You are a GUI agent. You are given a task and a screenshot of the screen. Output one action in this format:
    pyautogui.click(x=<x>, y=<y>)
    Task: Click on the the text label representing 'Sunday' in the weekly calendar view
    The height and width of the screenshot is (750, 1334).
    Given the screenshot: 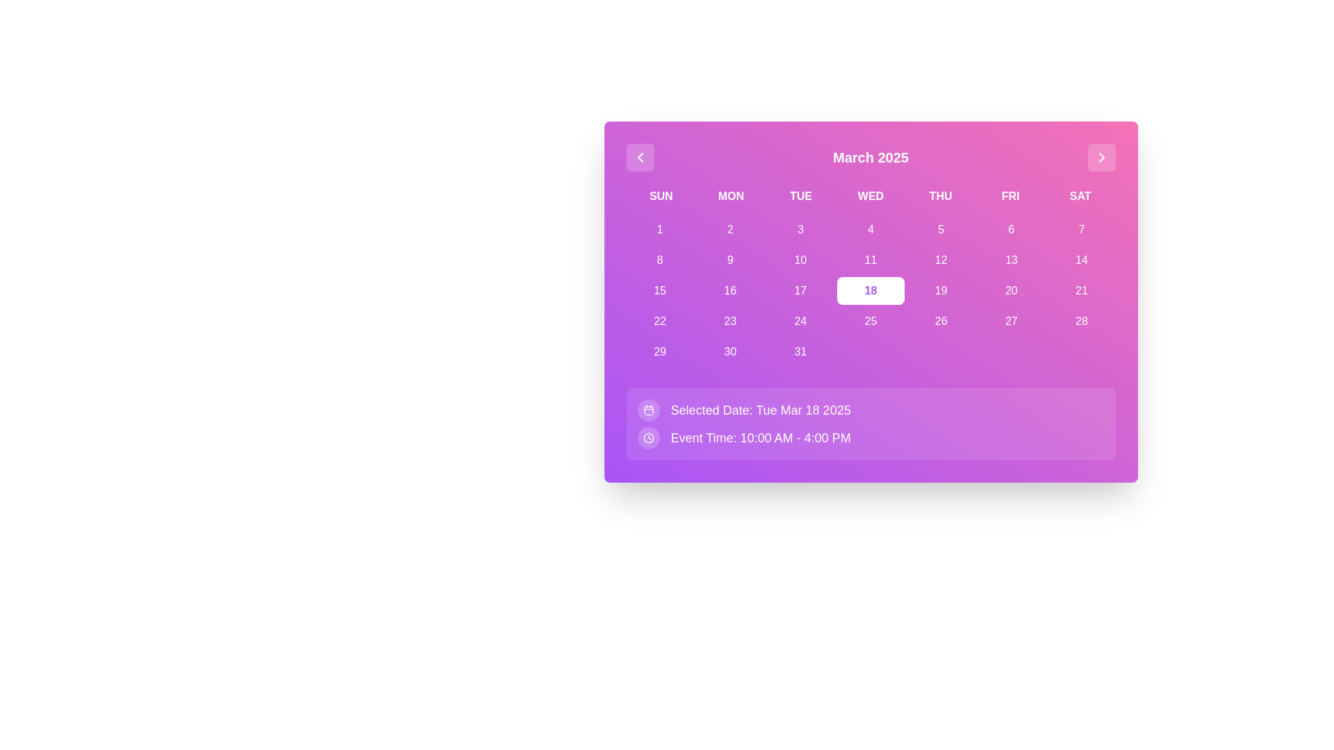 What is the action you would take?
    pyautogui.click(x=660, y=196)
    